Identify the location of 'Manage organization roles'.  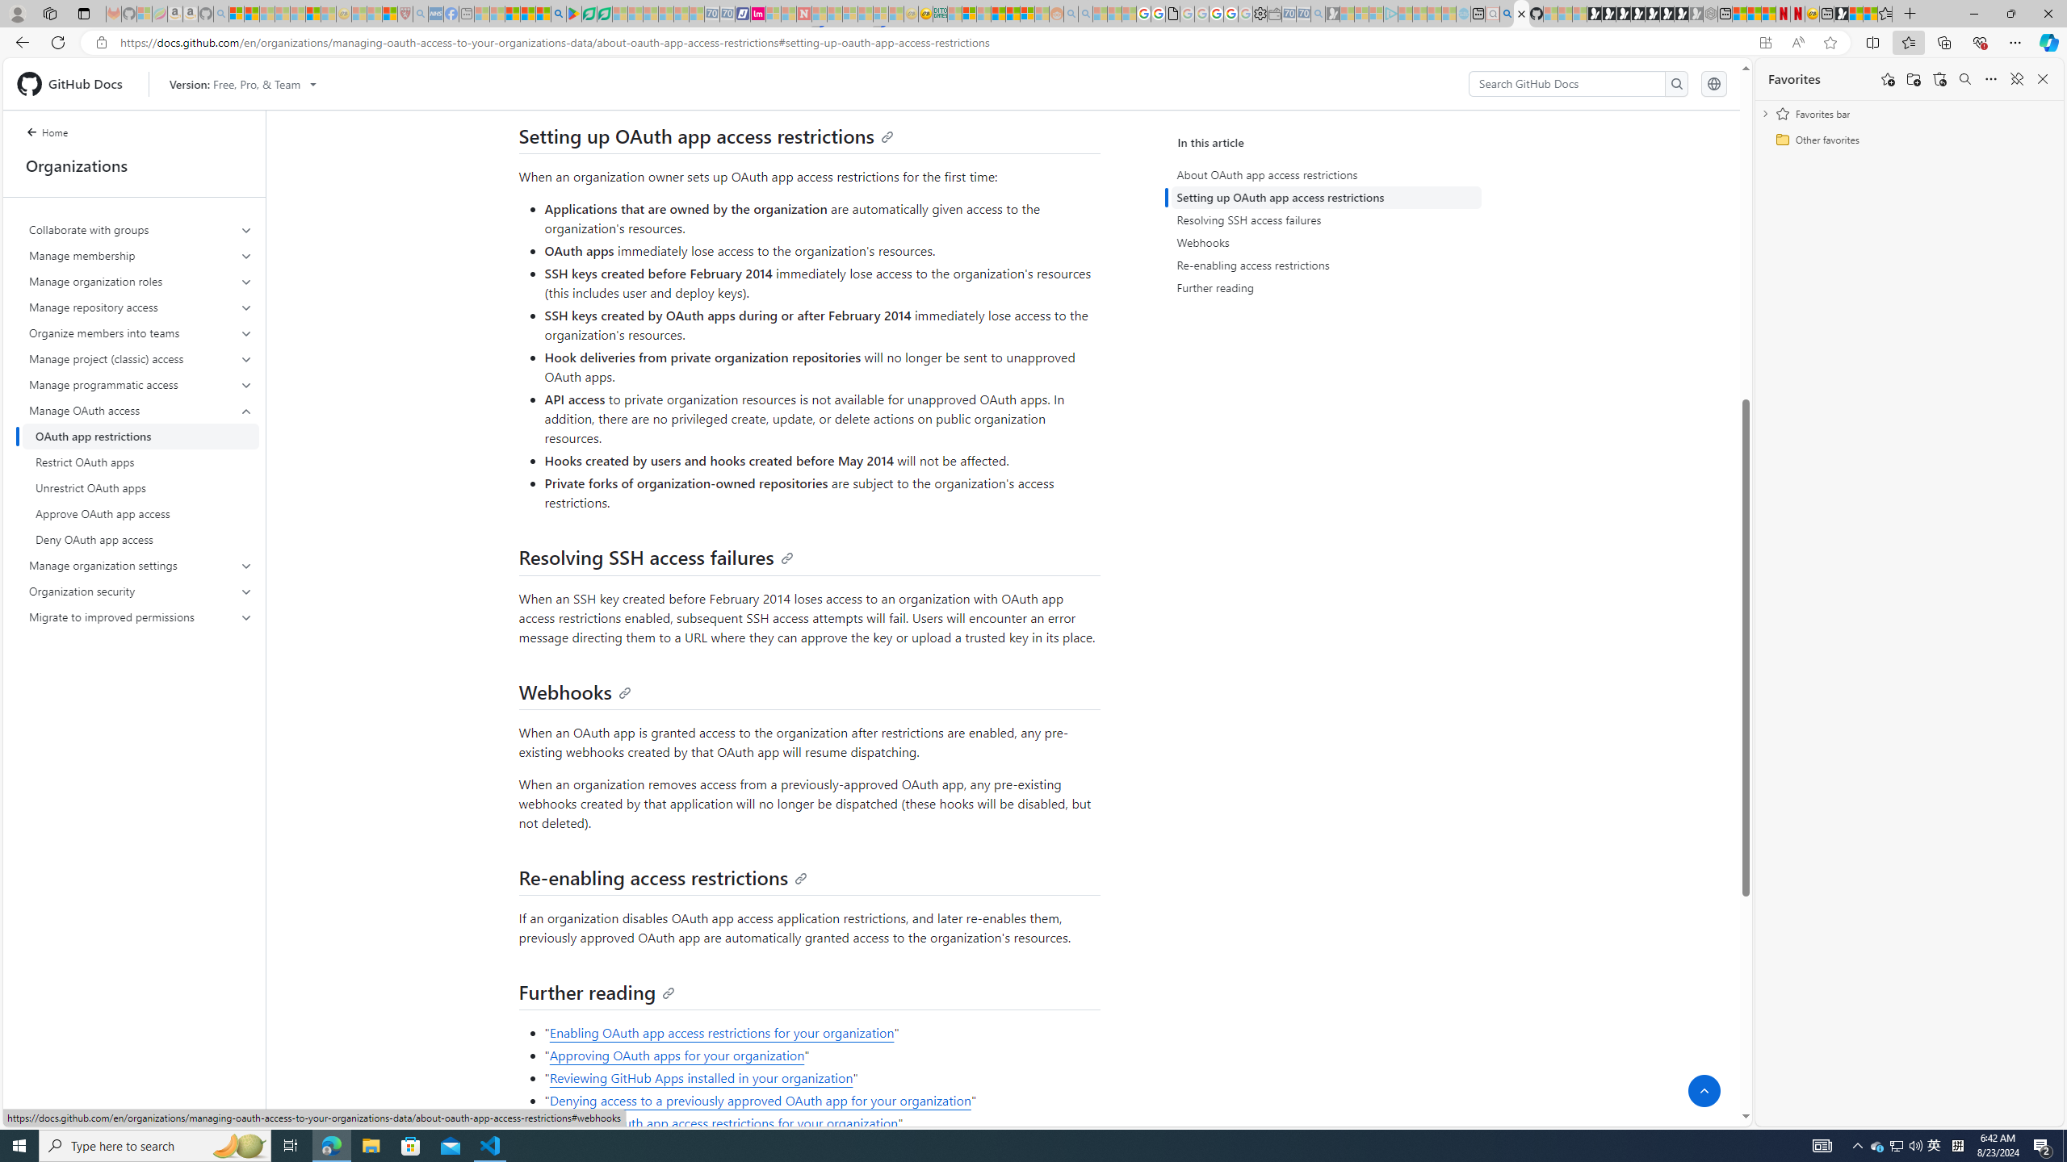
(141, 281).